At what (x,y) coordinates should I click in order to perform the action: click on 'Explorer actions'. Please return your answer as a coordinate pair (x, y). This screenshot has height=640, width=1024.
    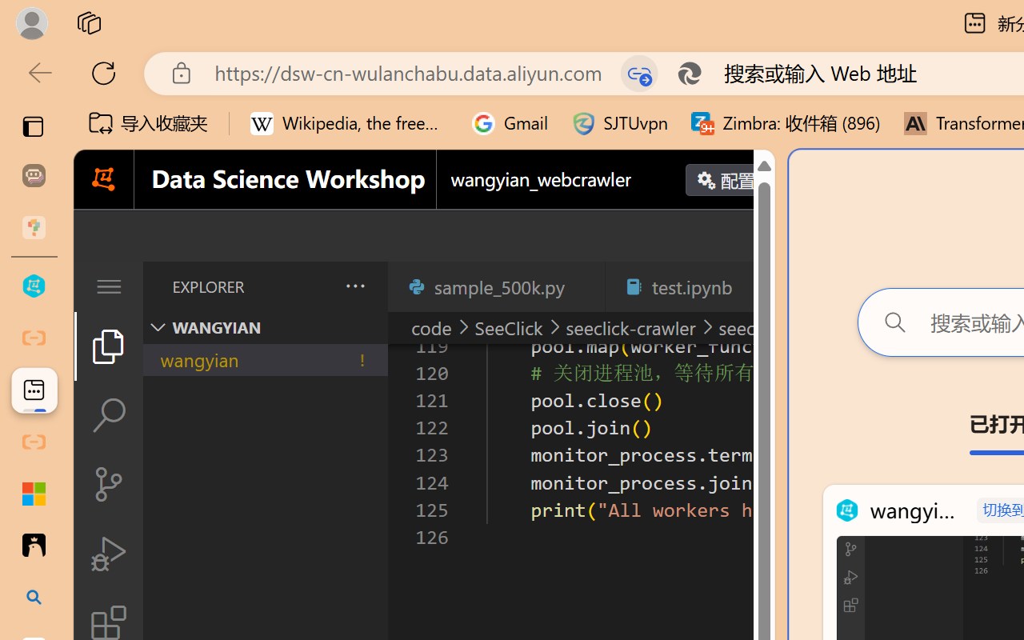
    Looking at the image, I should click on (313, 286).